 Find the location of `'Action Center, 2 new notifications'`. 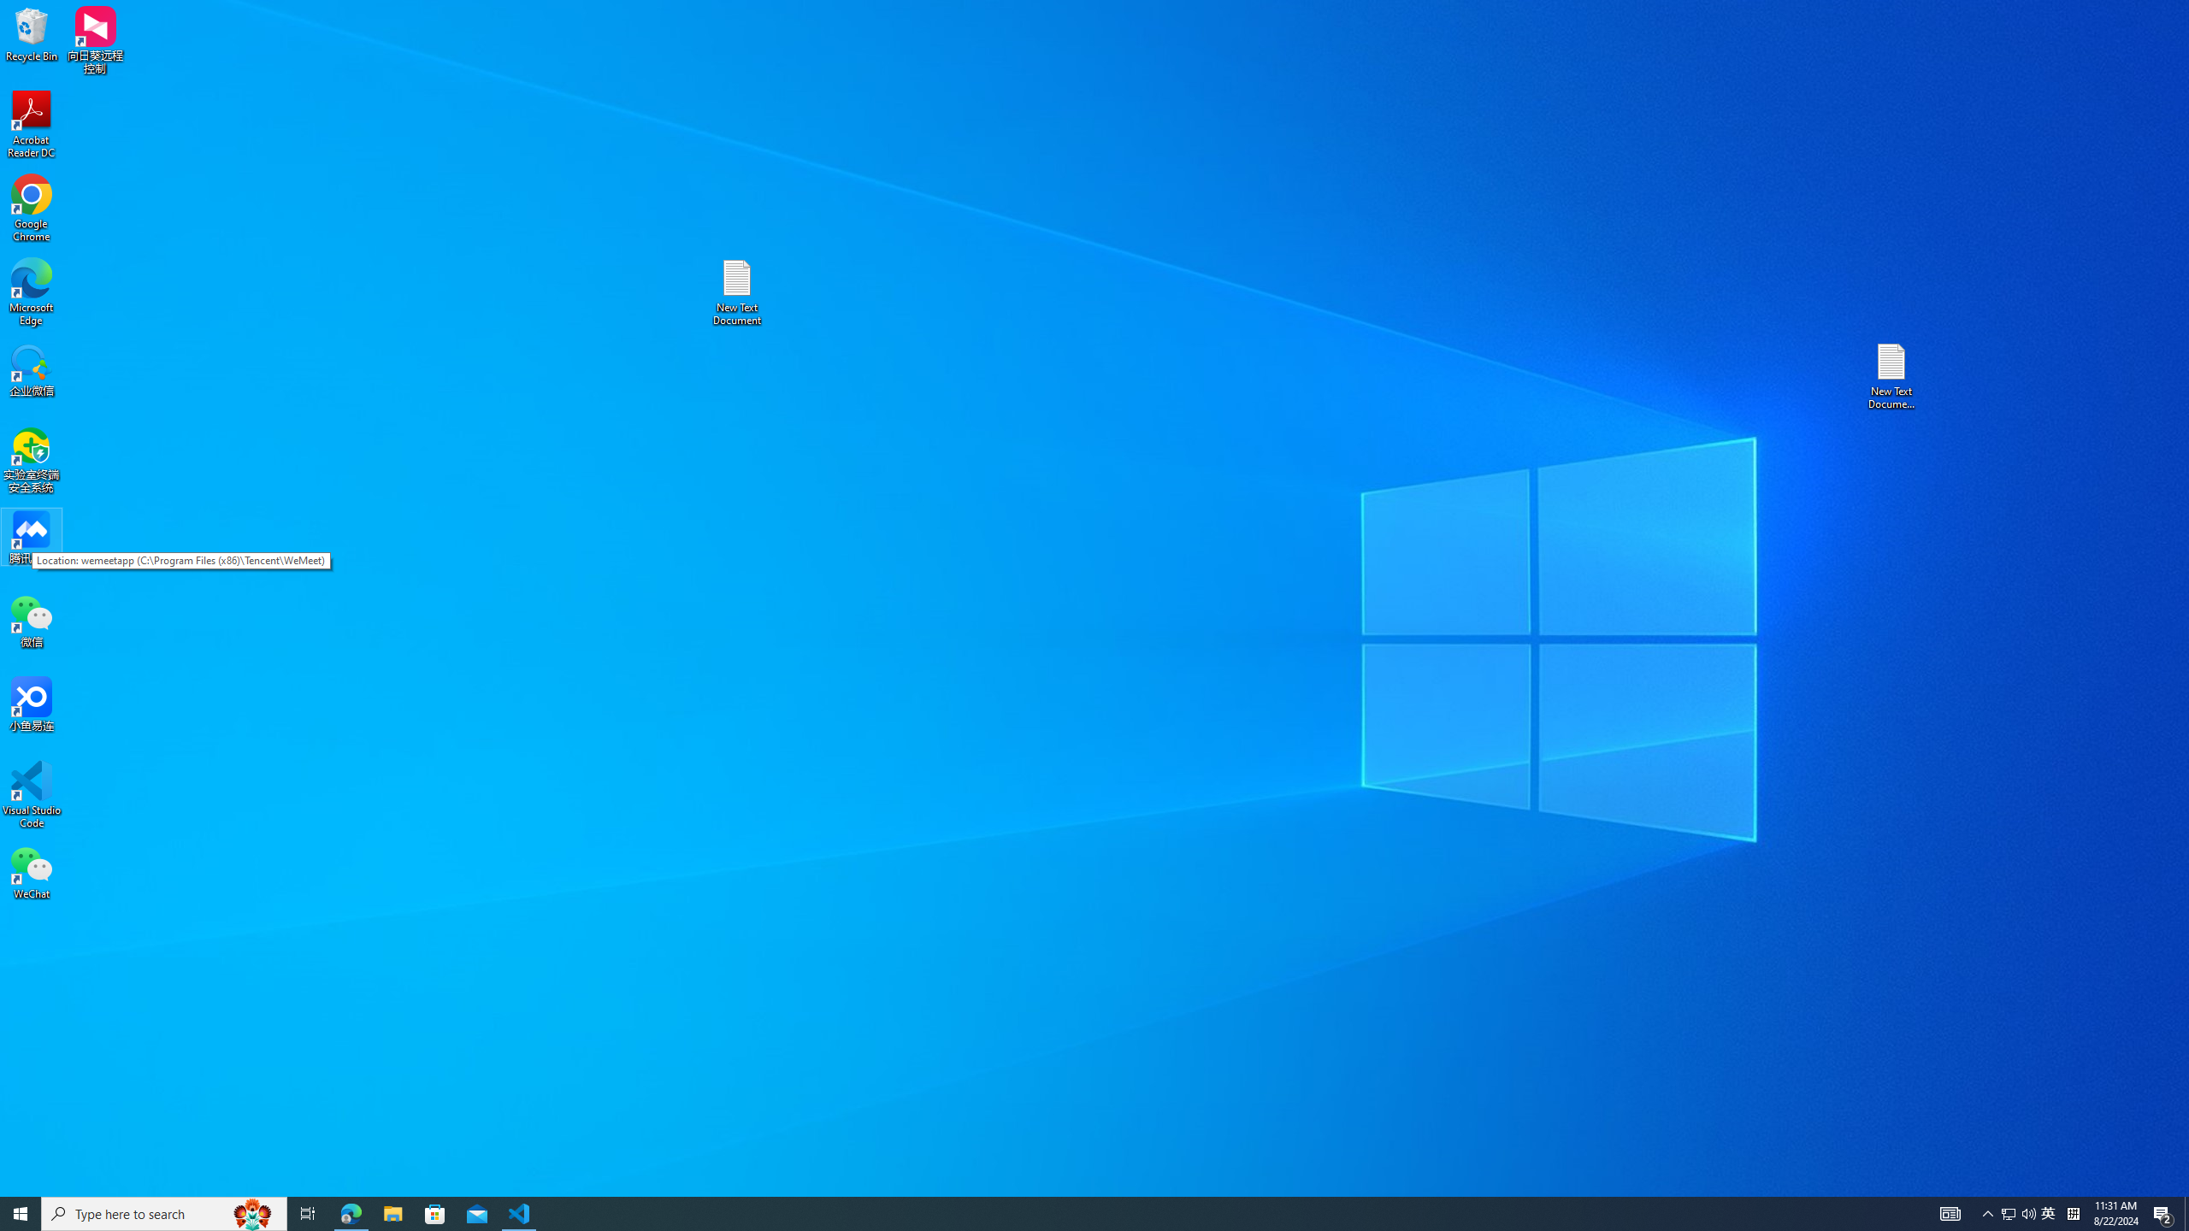

'Action Center, 2 new notifications' is located at coordinates (2163, 1212).